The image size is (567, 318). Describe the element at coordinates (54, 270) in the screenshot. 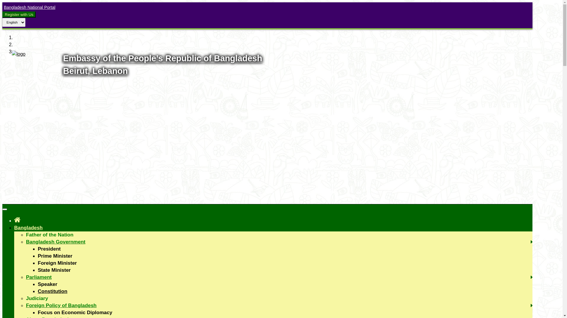

I see `'State Minister'` at that location.